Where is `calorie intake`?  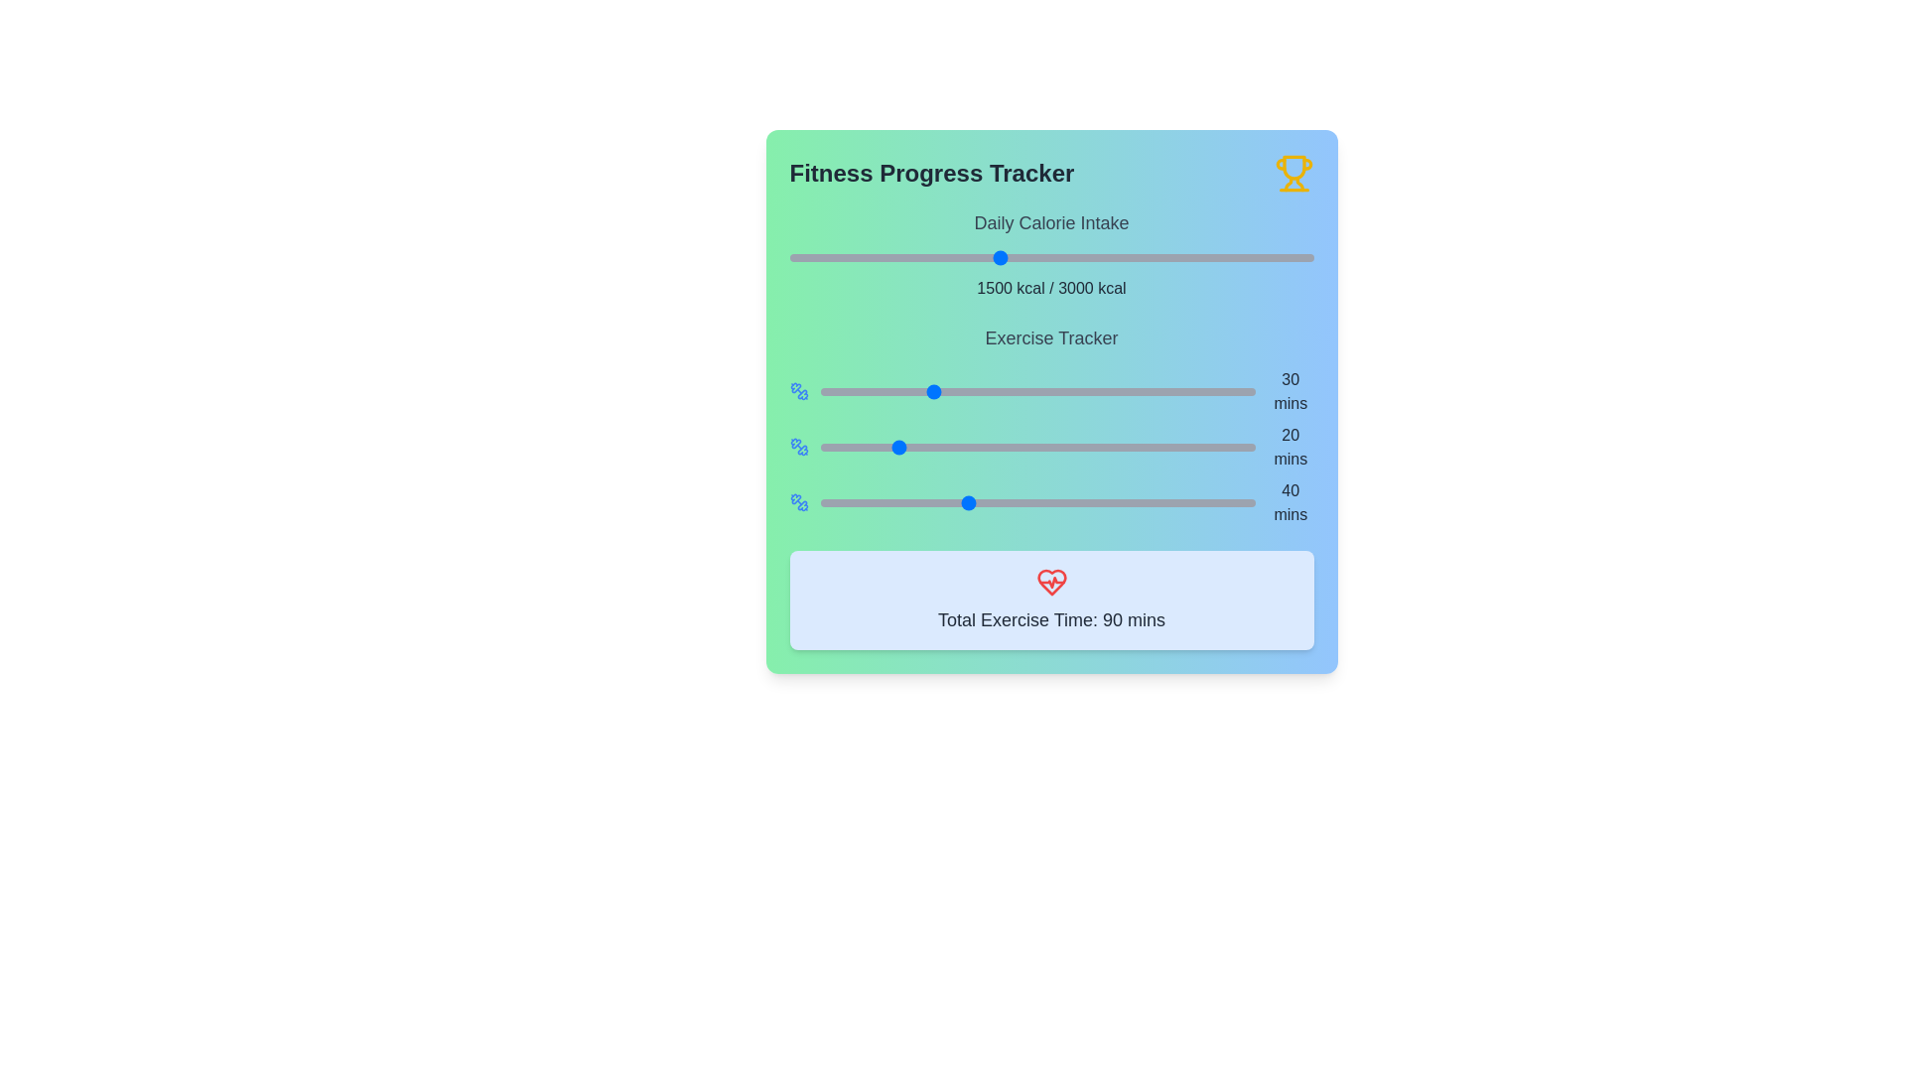 calorie intake is located at coordinates (1120, 256).